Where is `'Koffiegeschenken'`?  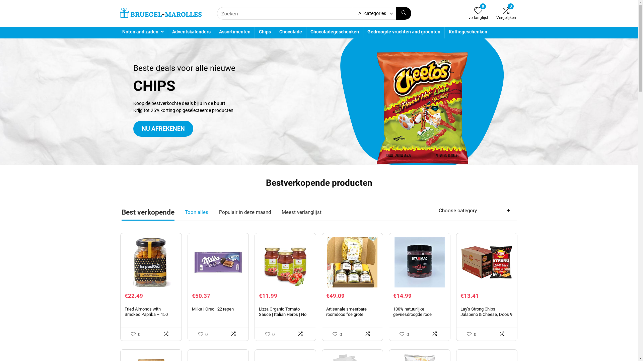
'Koffiegeschenken' is located at coordinates (468, 32).